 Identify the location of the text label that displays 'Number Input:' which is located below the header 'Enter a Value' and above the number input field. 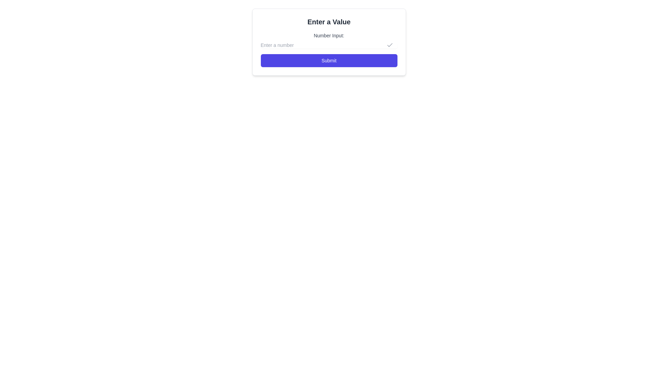
(328, 36).